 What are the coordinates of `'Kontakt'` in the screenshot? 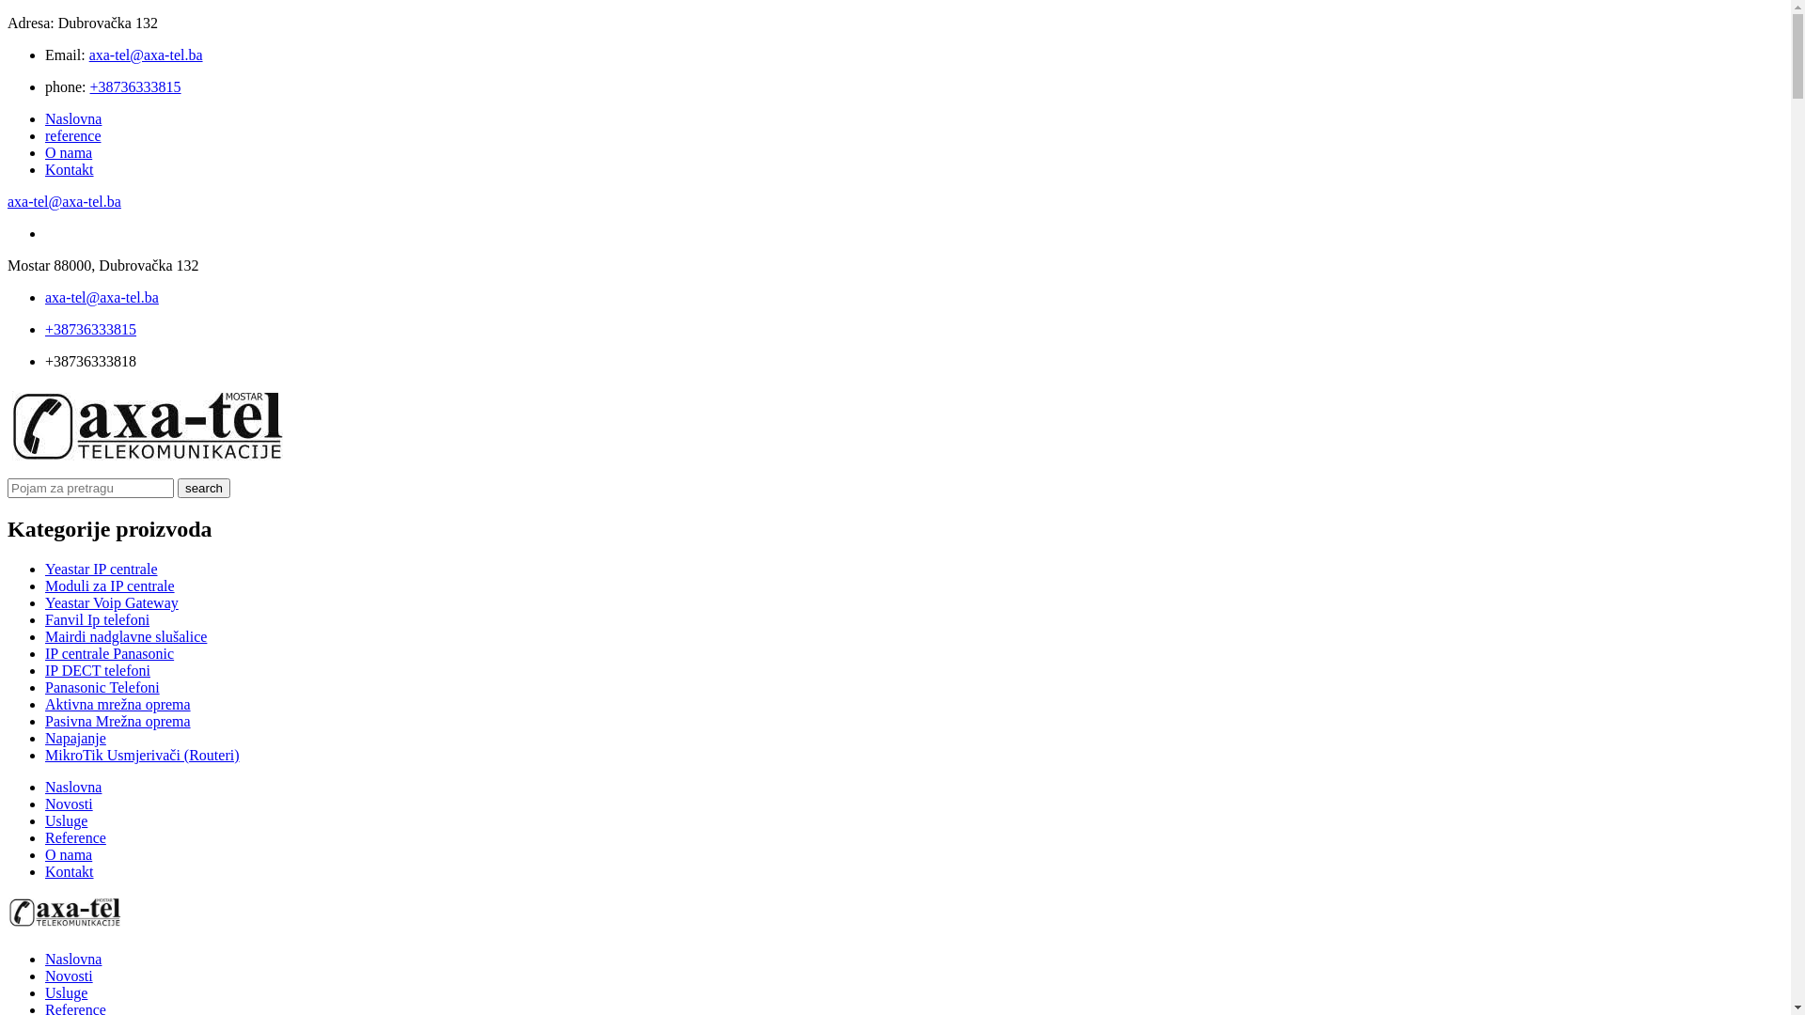 It's located at (69, 871).